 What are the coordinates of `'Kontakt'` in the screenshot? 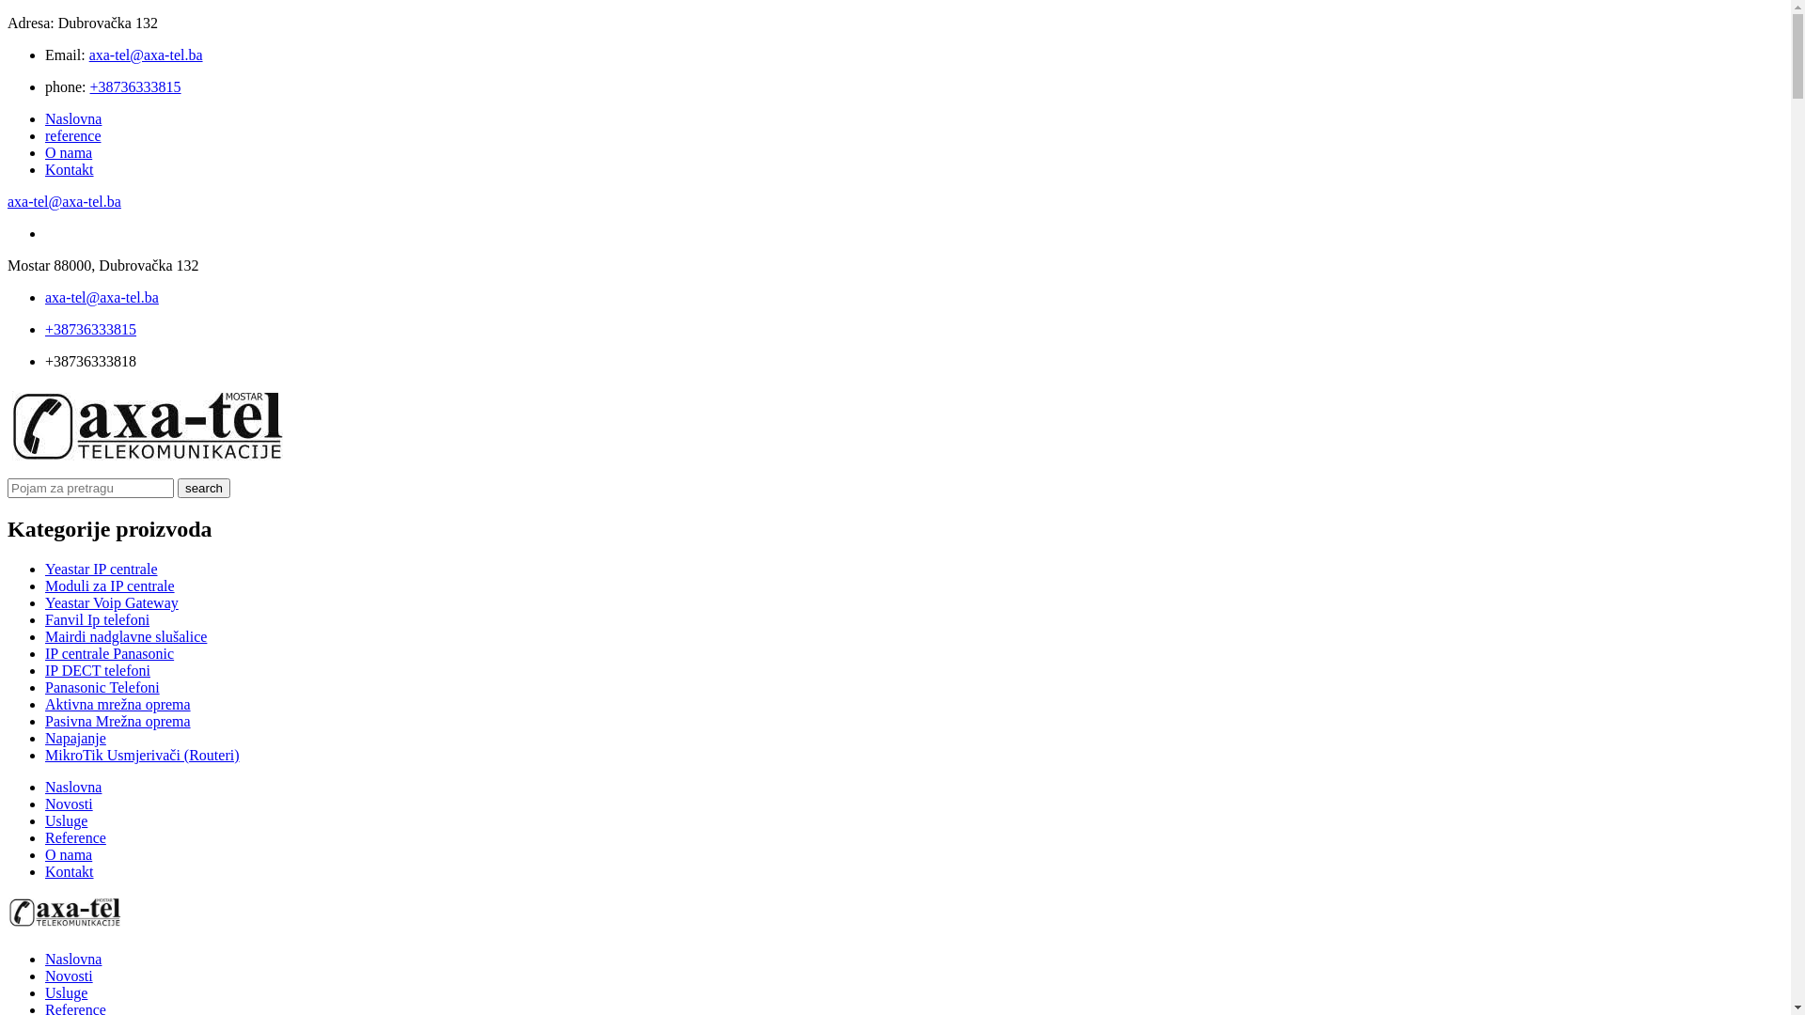 It's located at (69, 871).